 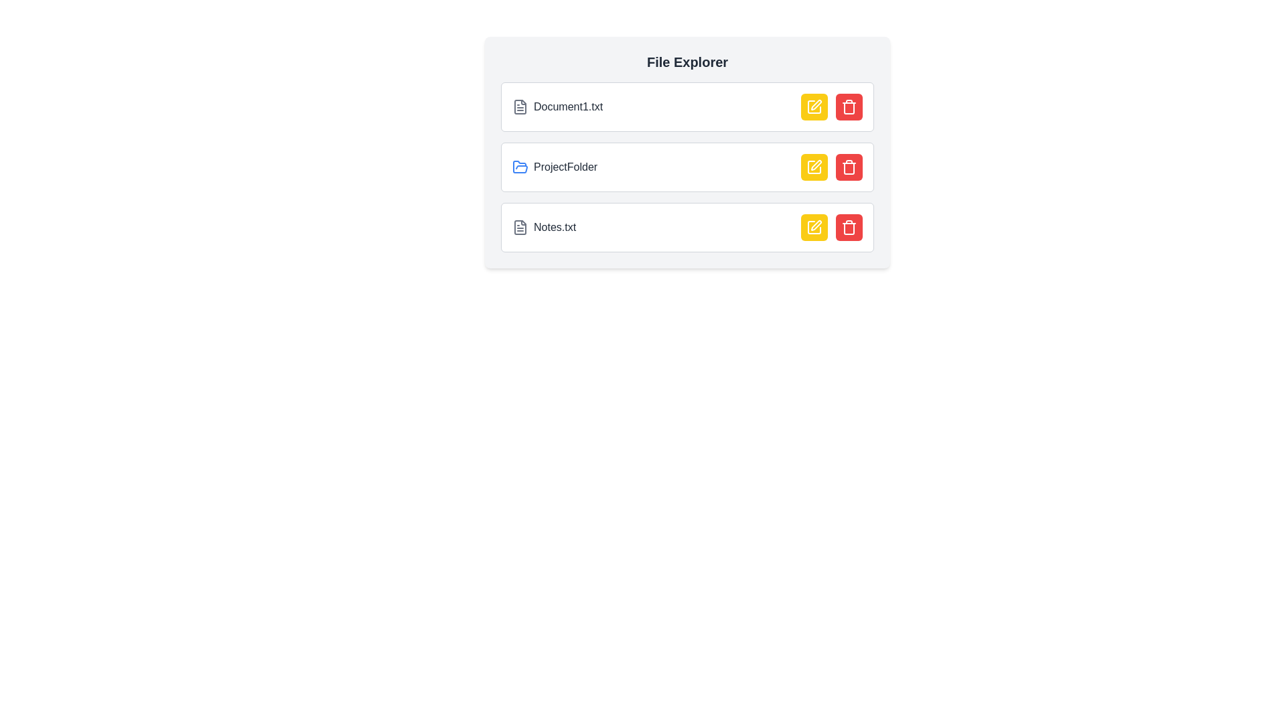 What do you see at coordinates (568, 106) in the screenshot?
I see `the text label 'Document1.txt' located beside the file icon` at bounding box center [568, 106].